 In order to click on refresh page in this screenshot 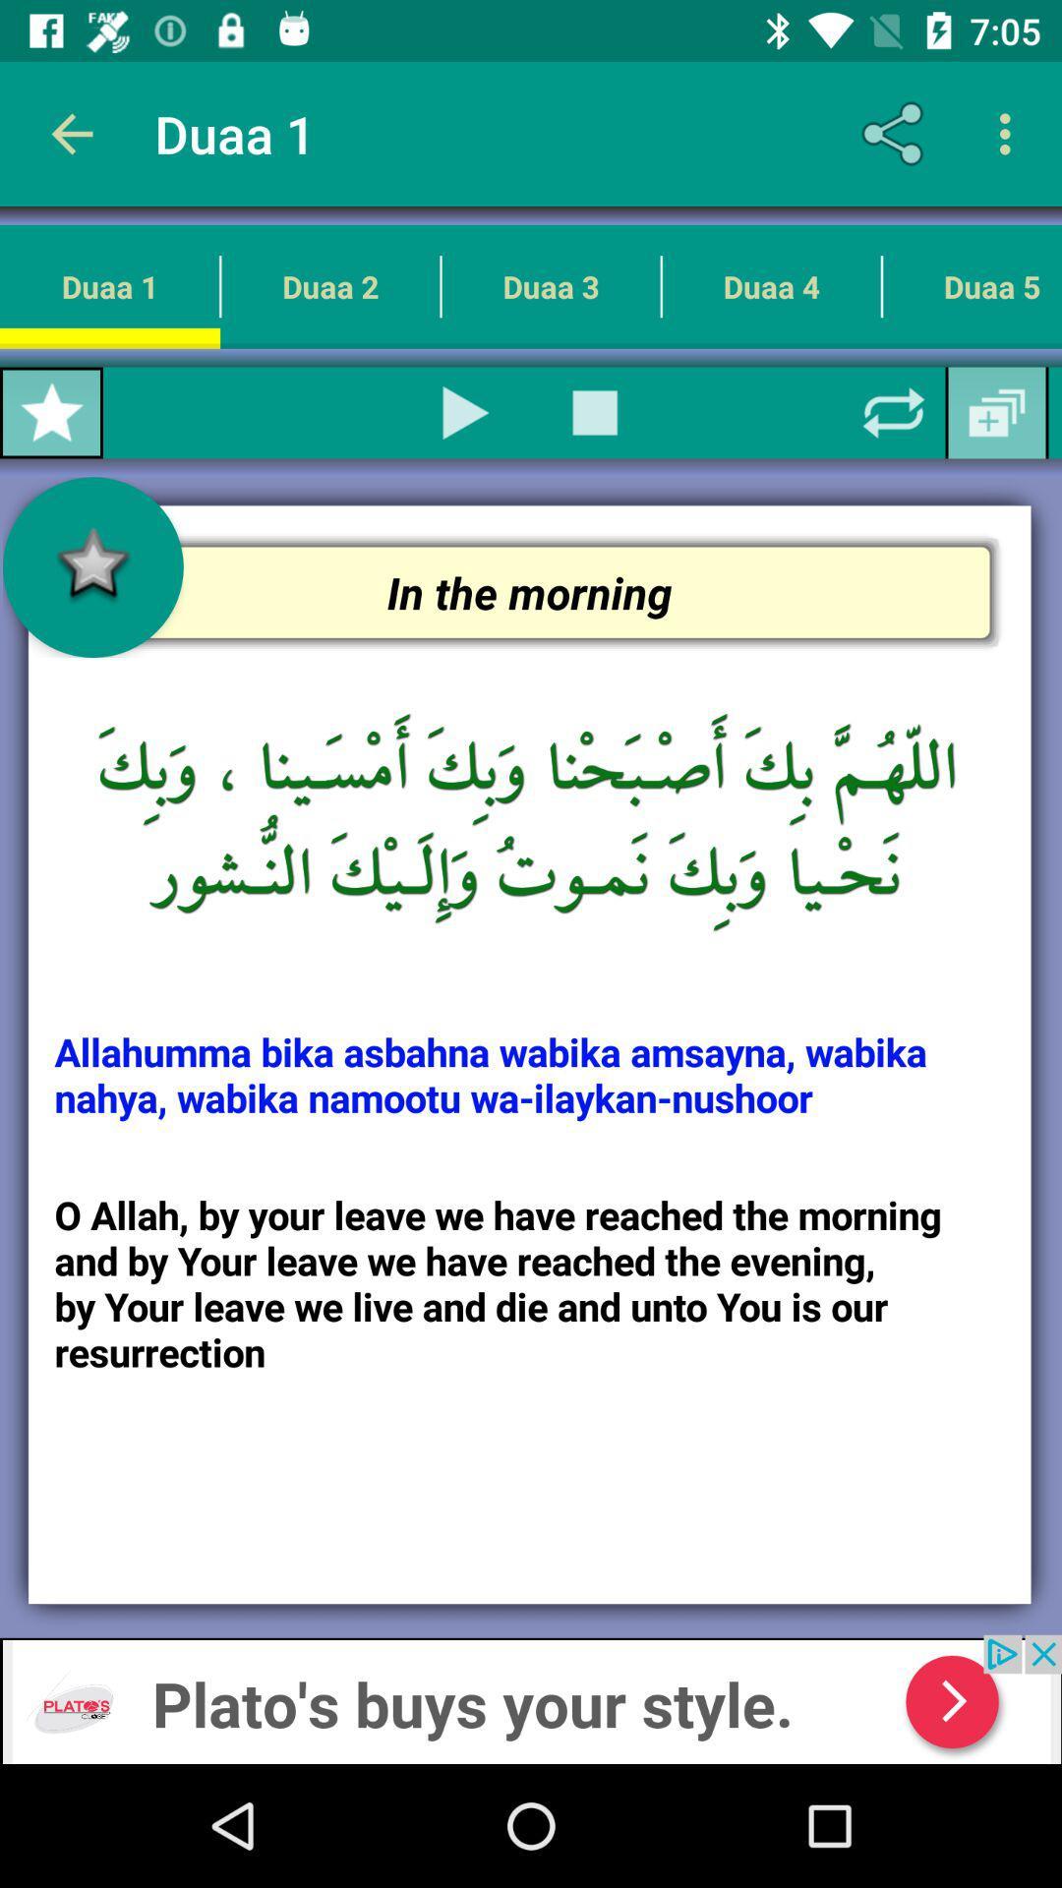, I will do `click(894, 412)`.